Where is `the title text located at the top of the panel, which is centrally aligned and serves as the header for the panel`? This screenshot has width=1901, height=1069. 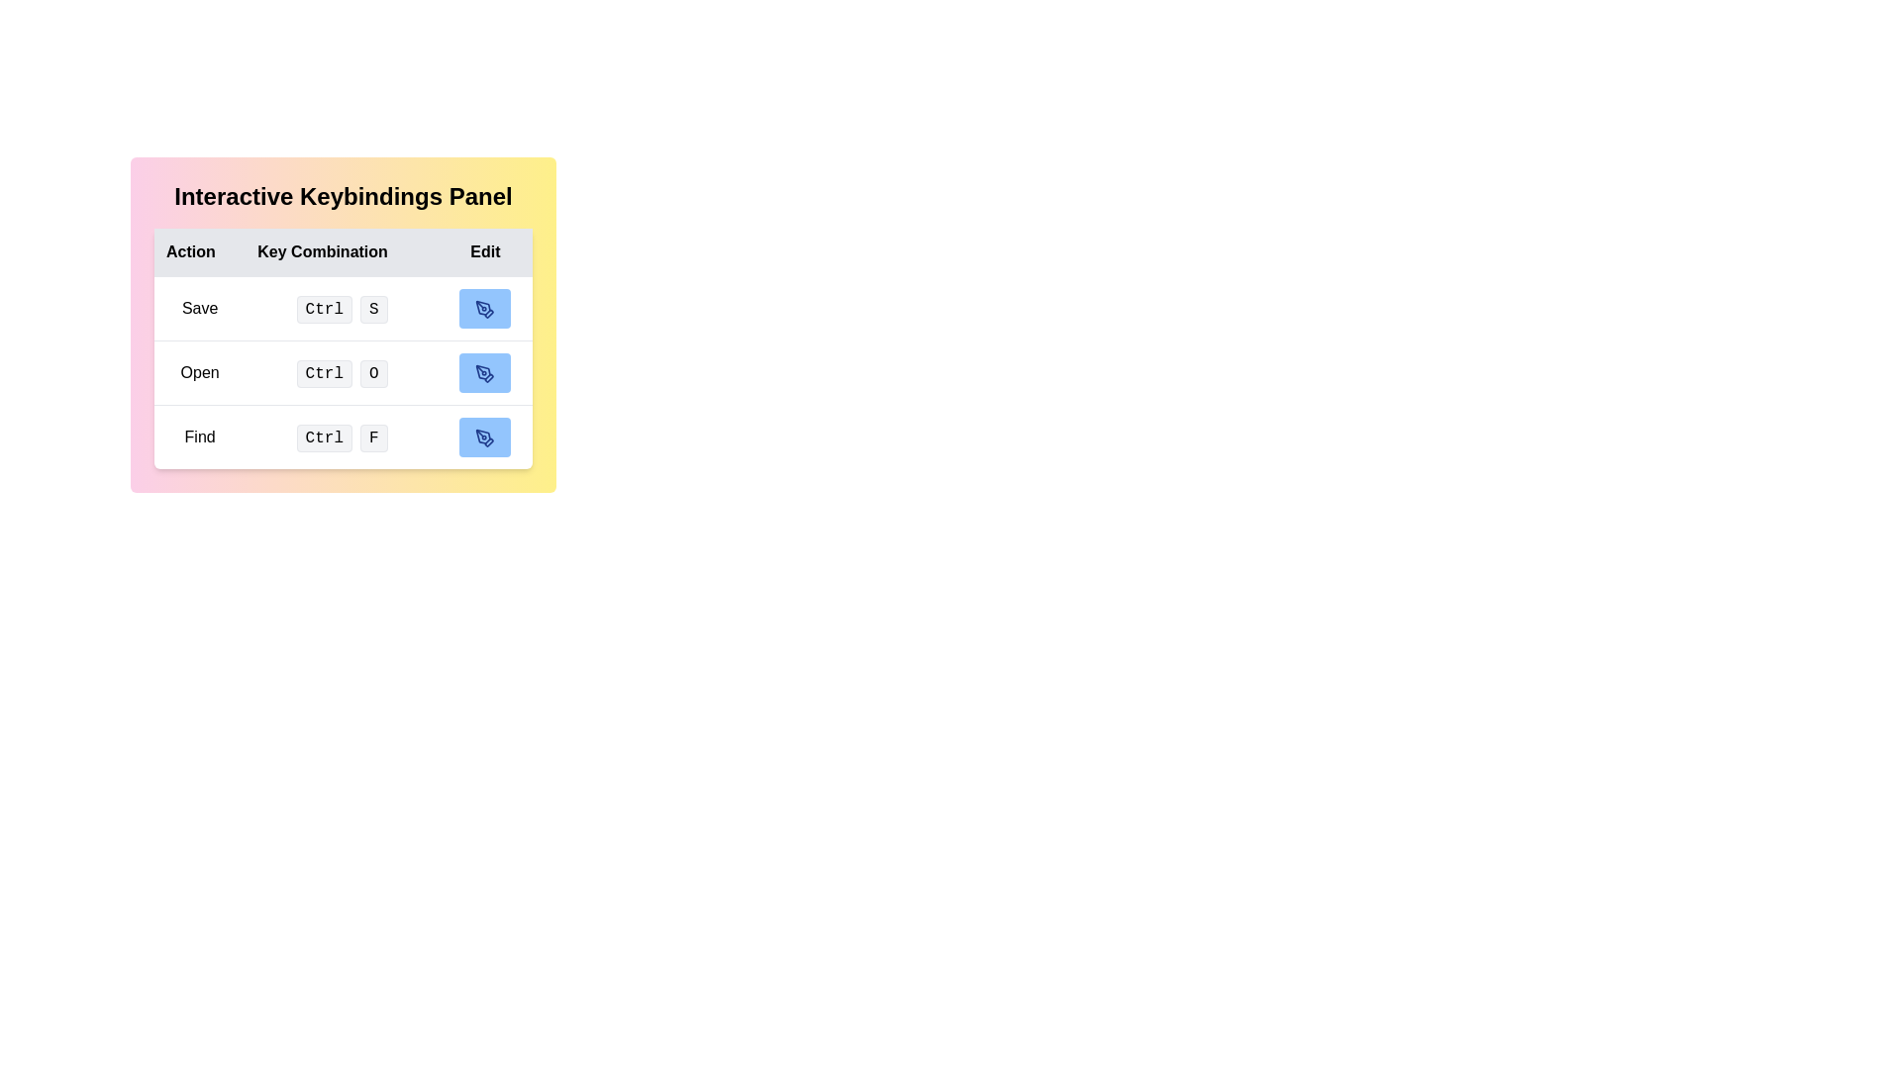 the title text located at the top of the panel, which is centrally aligned and serves as the header for the panel is located at coordinates (343, 197).